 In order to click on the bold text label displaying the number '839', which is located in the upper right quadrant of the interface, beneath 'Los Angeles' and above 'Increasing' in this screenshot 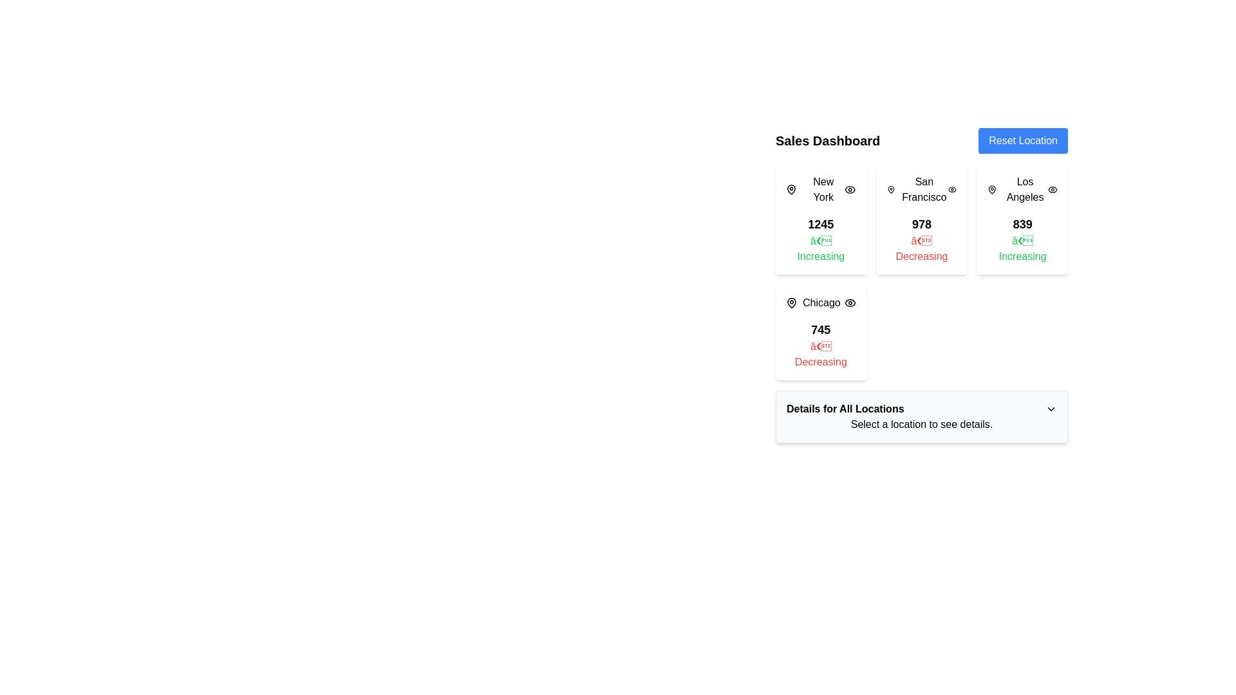, I will do `click(1022, 223)`.